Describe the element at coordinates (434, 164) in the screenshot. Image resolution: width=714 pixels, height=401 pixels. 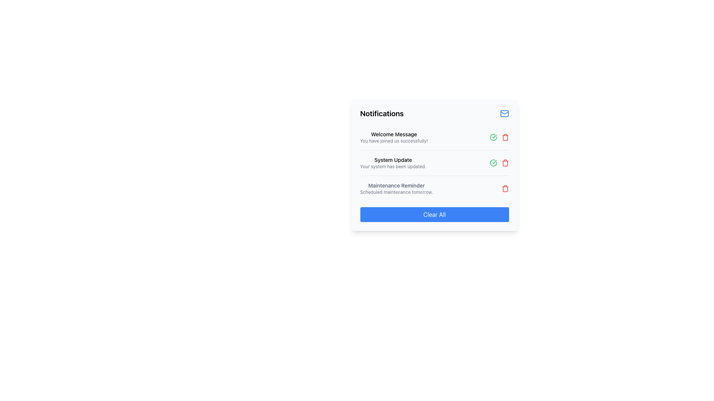
I see `the action buttons associated with the second notification row in the Notification Card Section, which displays details about the 'System Update'` at that location.